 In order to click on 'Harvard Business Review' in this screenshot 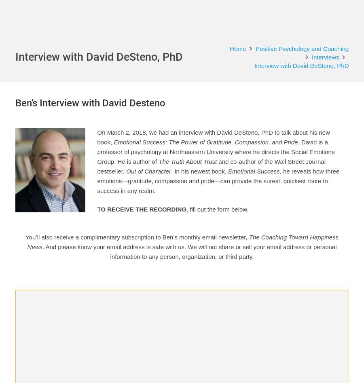, I will do `click(188, 318)`.